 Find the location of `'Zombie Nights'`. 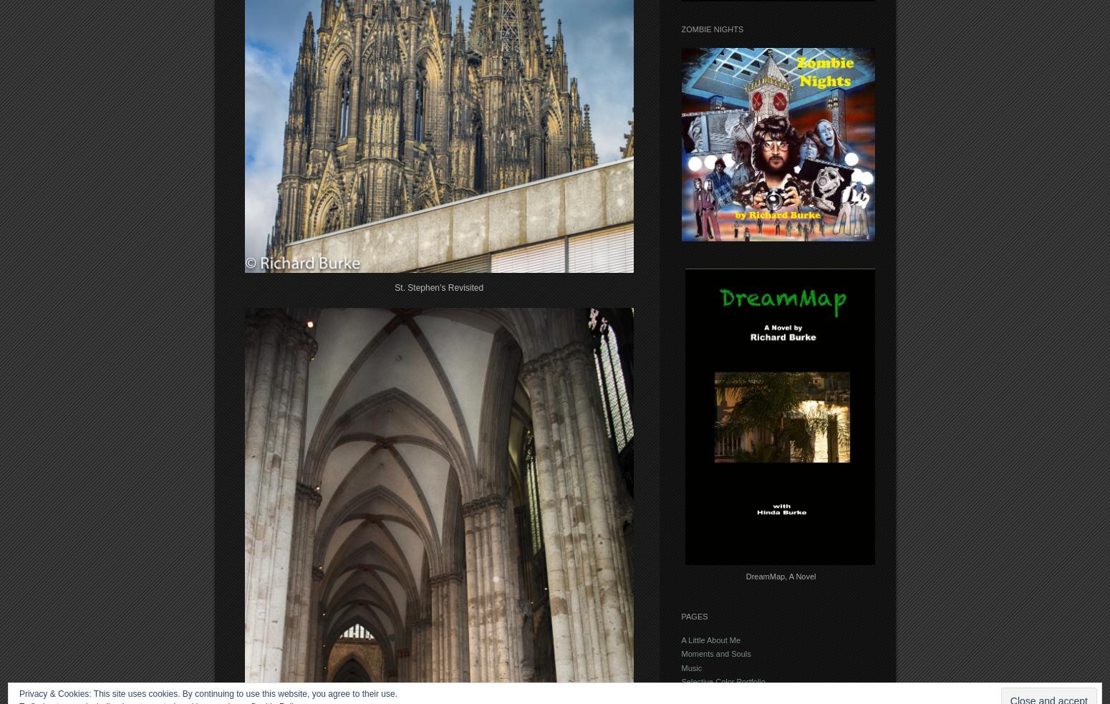

'Zombie Nights' is located at coordinates (711, 28).